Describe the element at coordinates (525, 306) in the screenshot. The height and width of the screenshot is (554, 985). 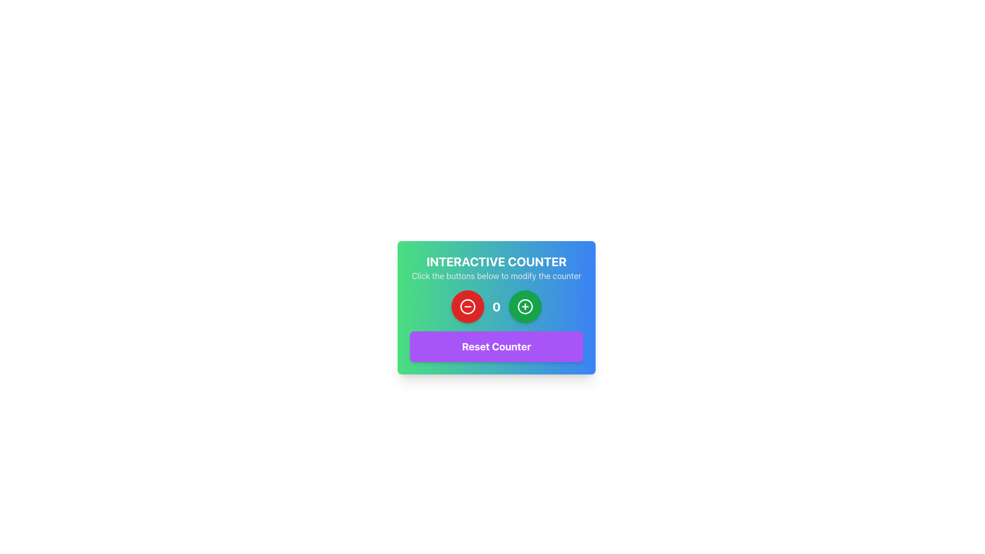
I see `the button located to the right of the red circular button to increase the displayed numeric counter` at that location.